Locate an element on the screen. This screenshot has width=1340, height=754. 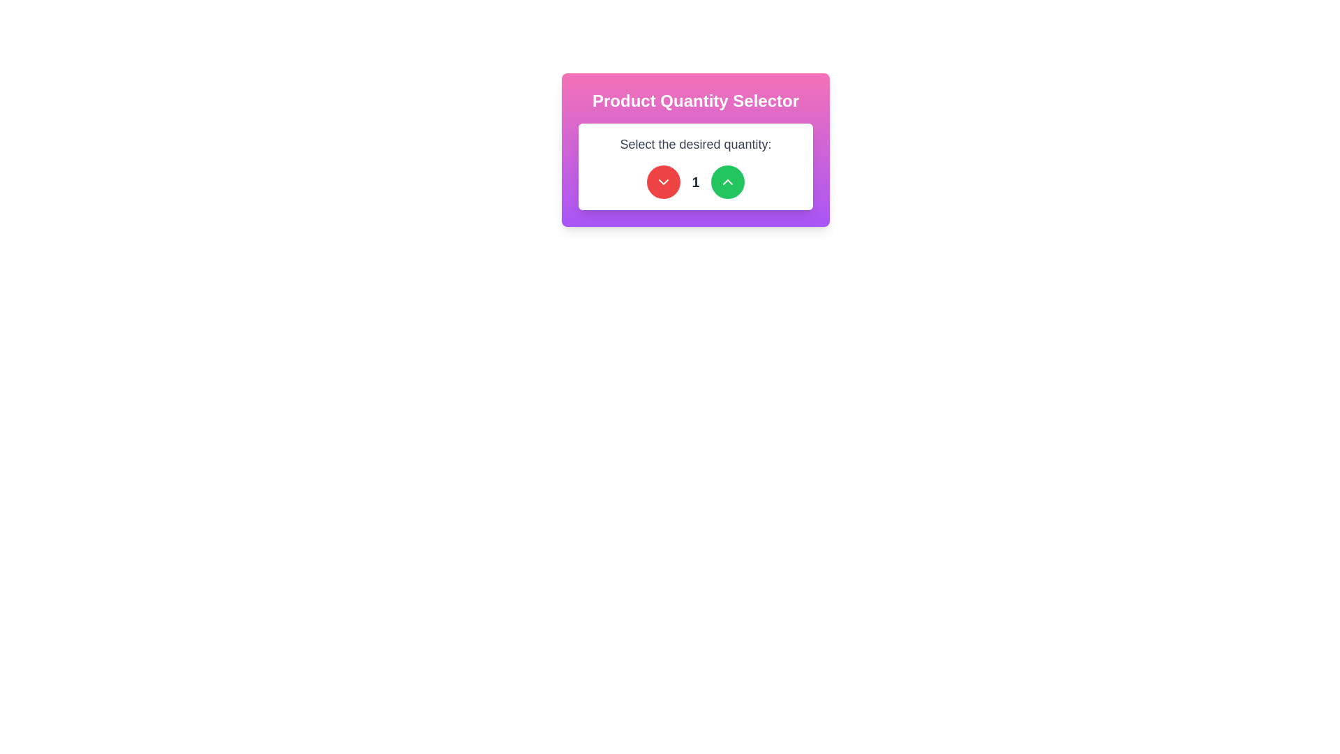
the button to the right of the numeric value in the product quantity selector to increment the quantity is located at coordinates (723, 182).